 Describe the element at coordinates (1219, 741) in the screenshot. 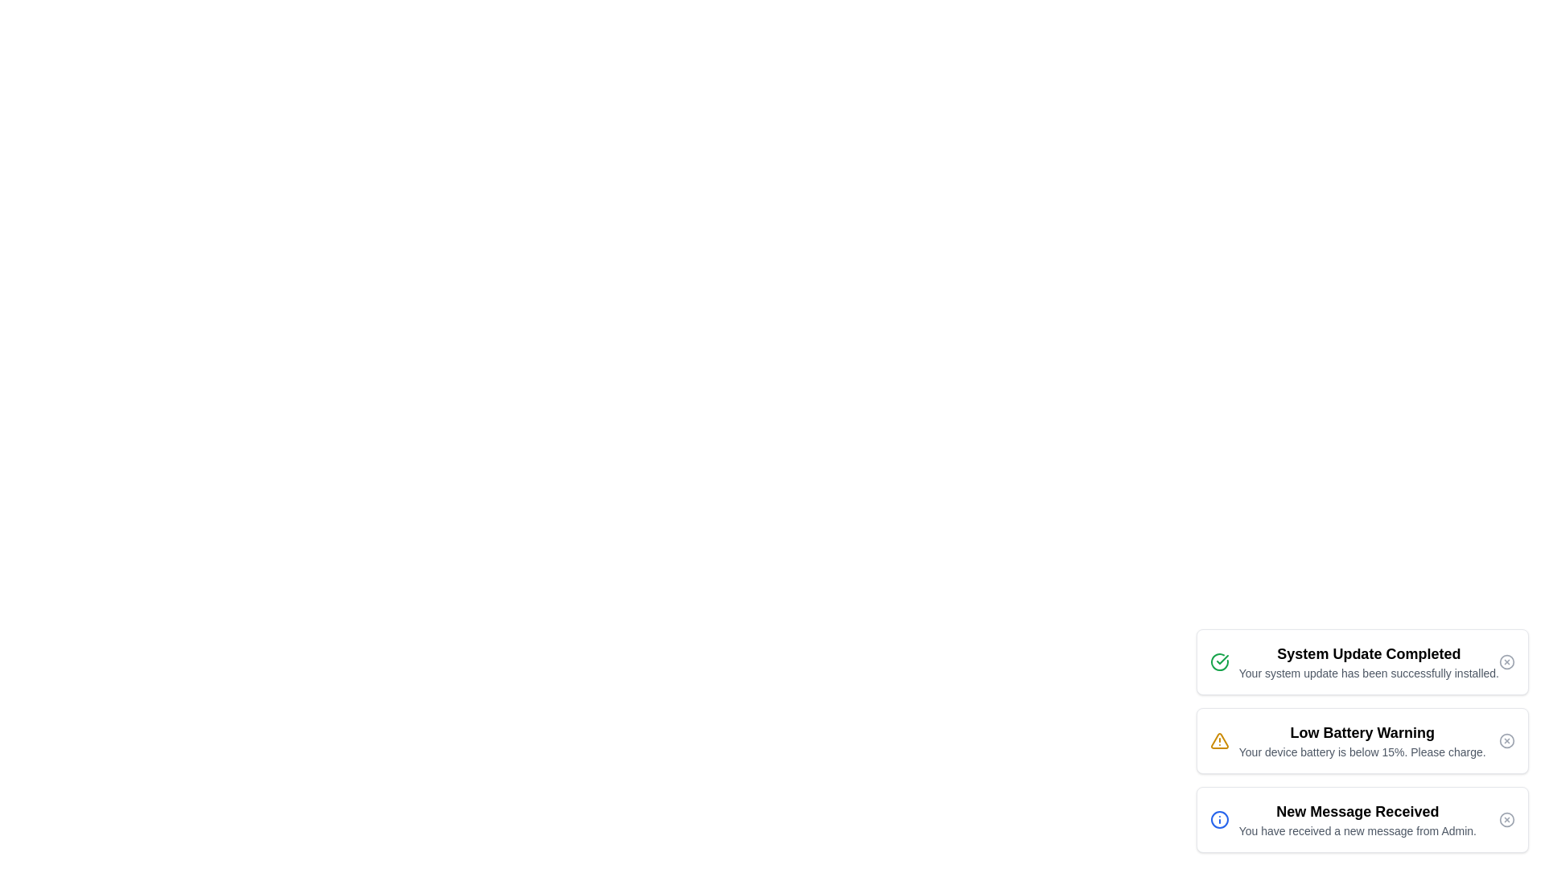

I see `the Triangle Warning Icon located to the left of the 'Low Battery Warning' text in the second notification card` at that location.